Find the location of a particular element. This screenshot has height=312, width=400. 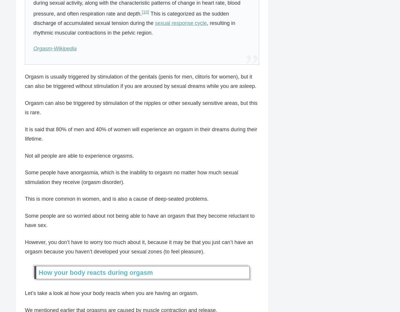

'Some people are so worried about not being able to have an orgasm that they become reluctant to have sex.' is located at coordinates (140, 220).